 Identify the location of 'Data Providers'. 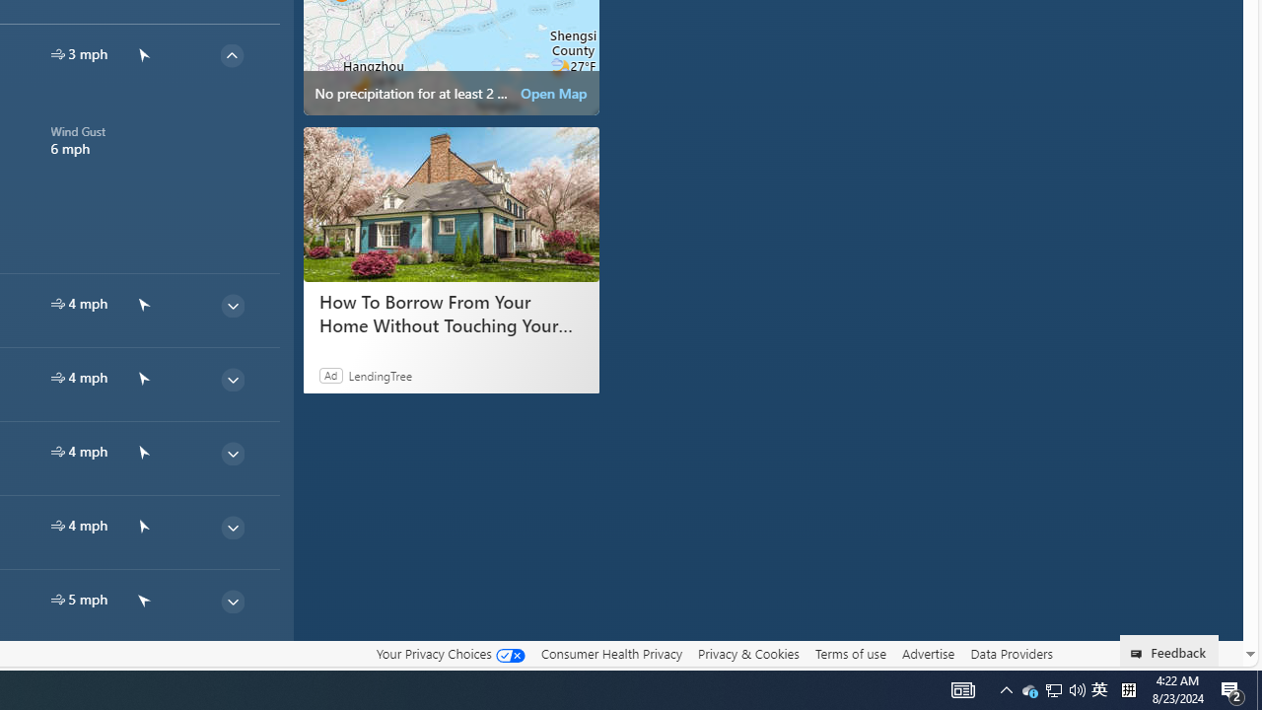
(1011, 653).